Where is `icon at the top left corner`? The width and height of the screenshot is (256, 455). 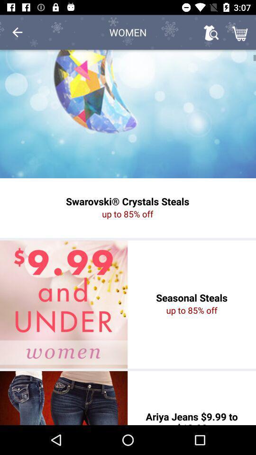 icon at the top left corner is located at coordinates (17, 32).